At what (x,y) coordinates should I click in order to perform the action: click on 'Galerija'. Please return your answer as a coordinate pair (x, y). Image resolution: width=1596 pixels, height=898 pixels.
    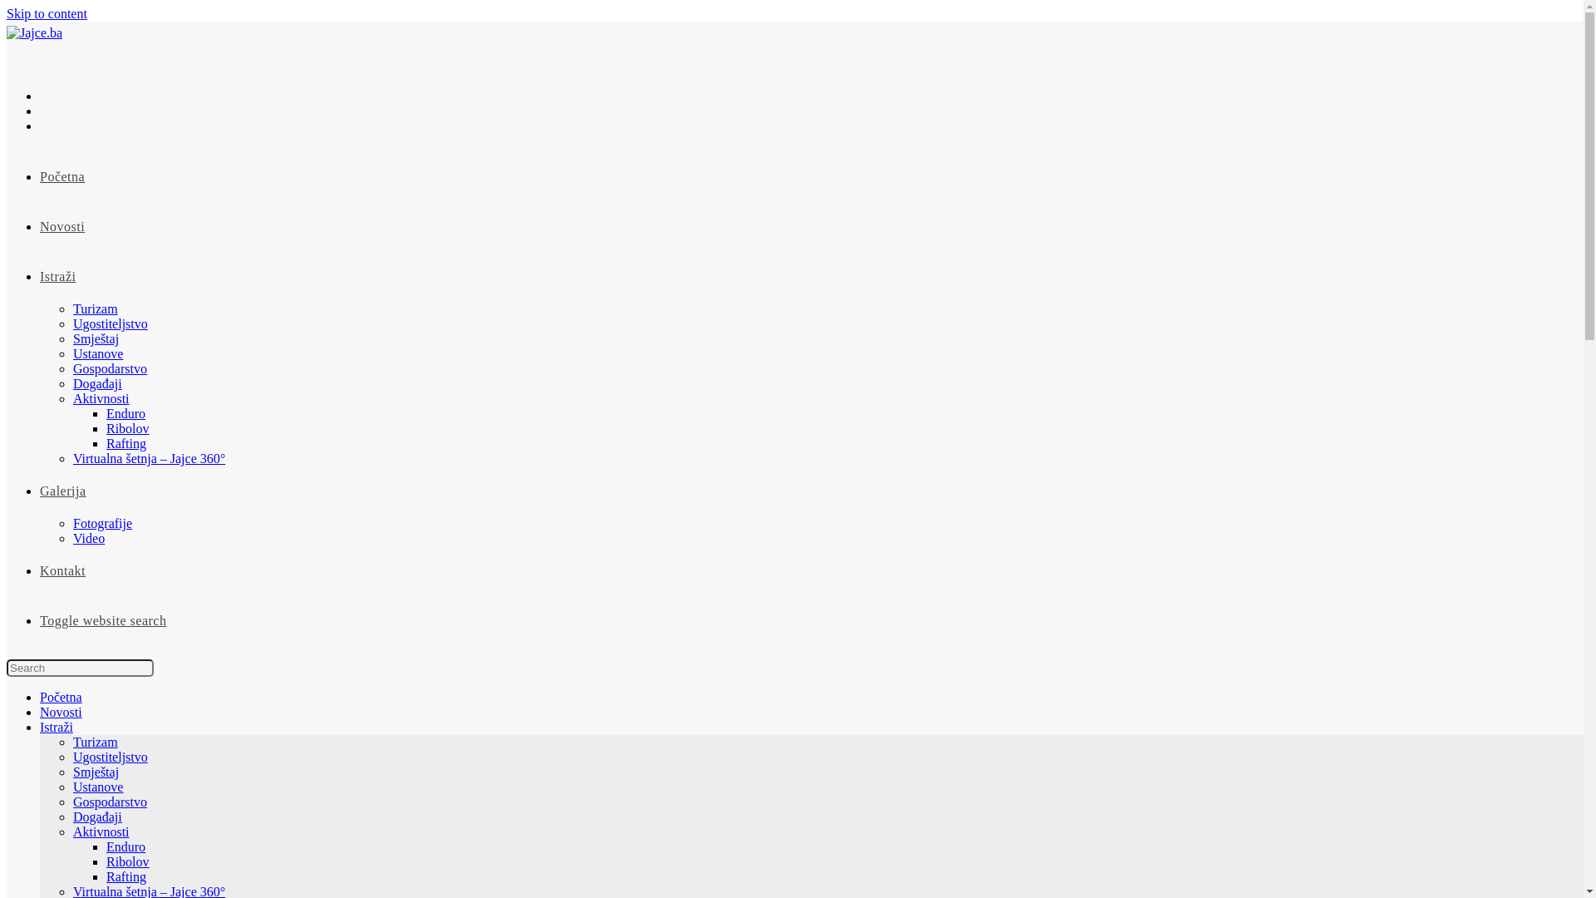
    Looking at the image, I should click on (63, 490).